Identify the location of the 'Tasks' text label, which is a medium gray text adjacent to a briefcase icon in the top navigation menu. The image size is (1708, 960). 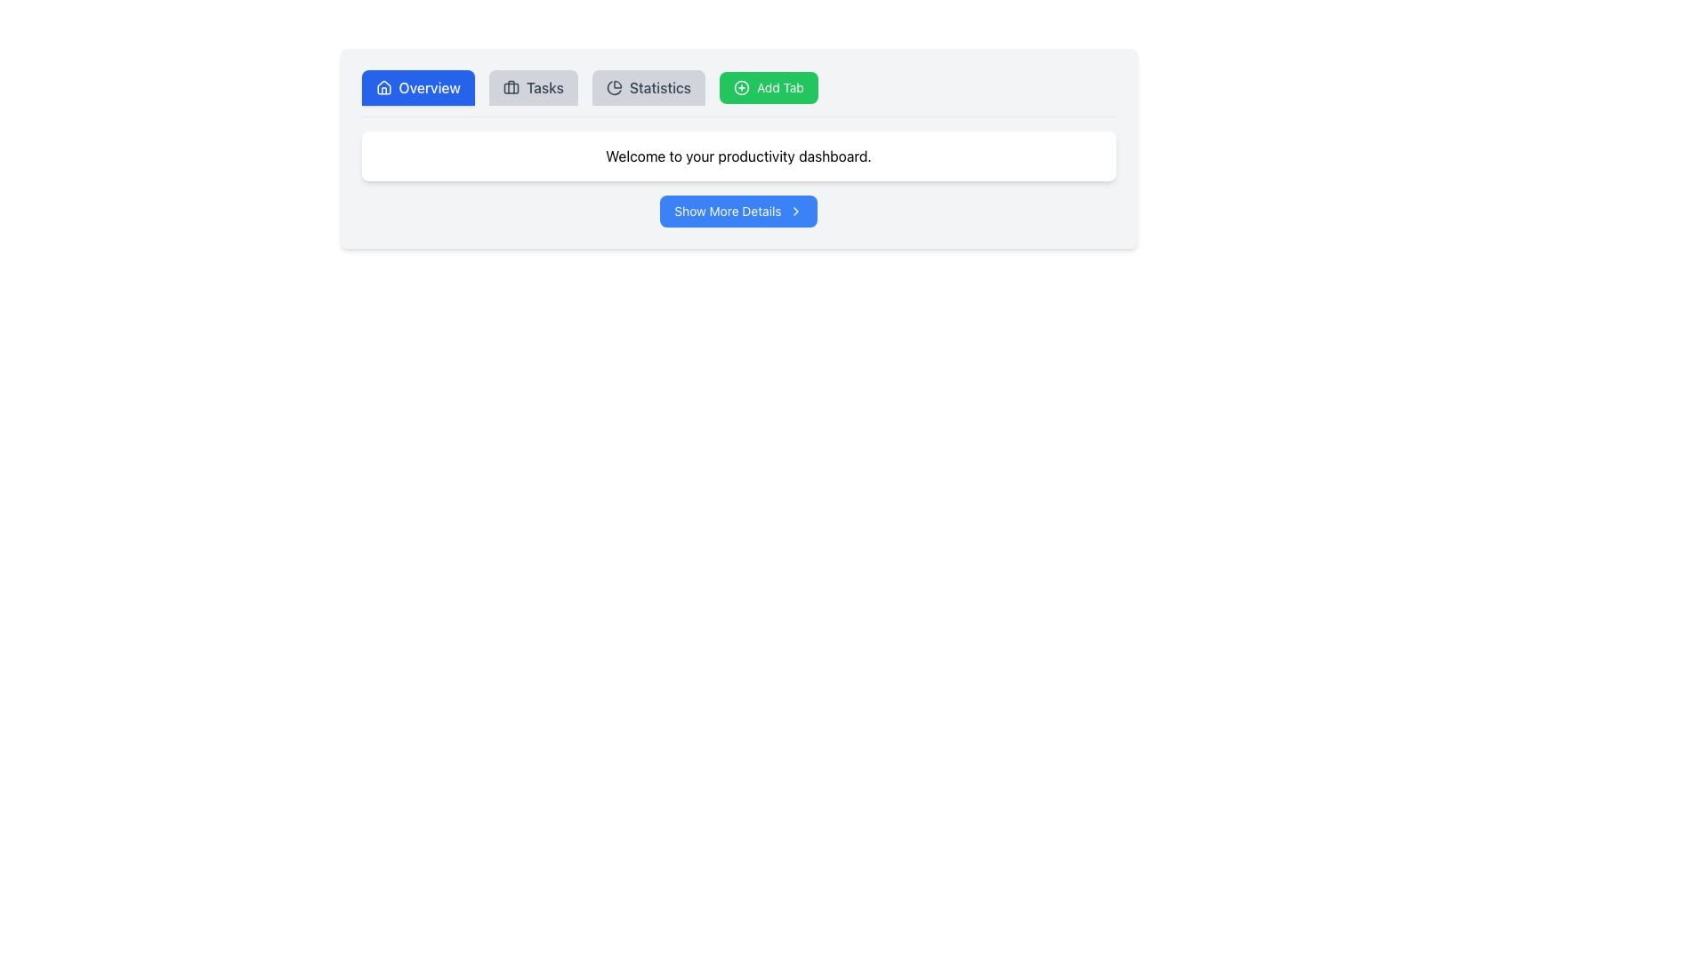
(544, 88).